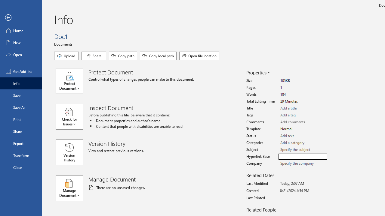 This screenshot has height=216, width=385. Describe the element at coordinates (64, 43) in the screenshot. I see `'Documents'` at that location.